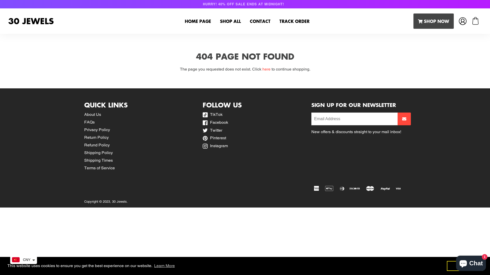 The height and width of the screenshot is (275, 490). What do you see at coordinates (99, 168) in the screenshot?
I see `'Terms of Service'` at bounding box center [99, 168].